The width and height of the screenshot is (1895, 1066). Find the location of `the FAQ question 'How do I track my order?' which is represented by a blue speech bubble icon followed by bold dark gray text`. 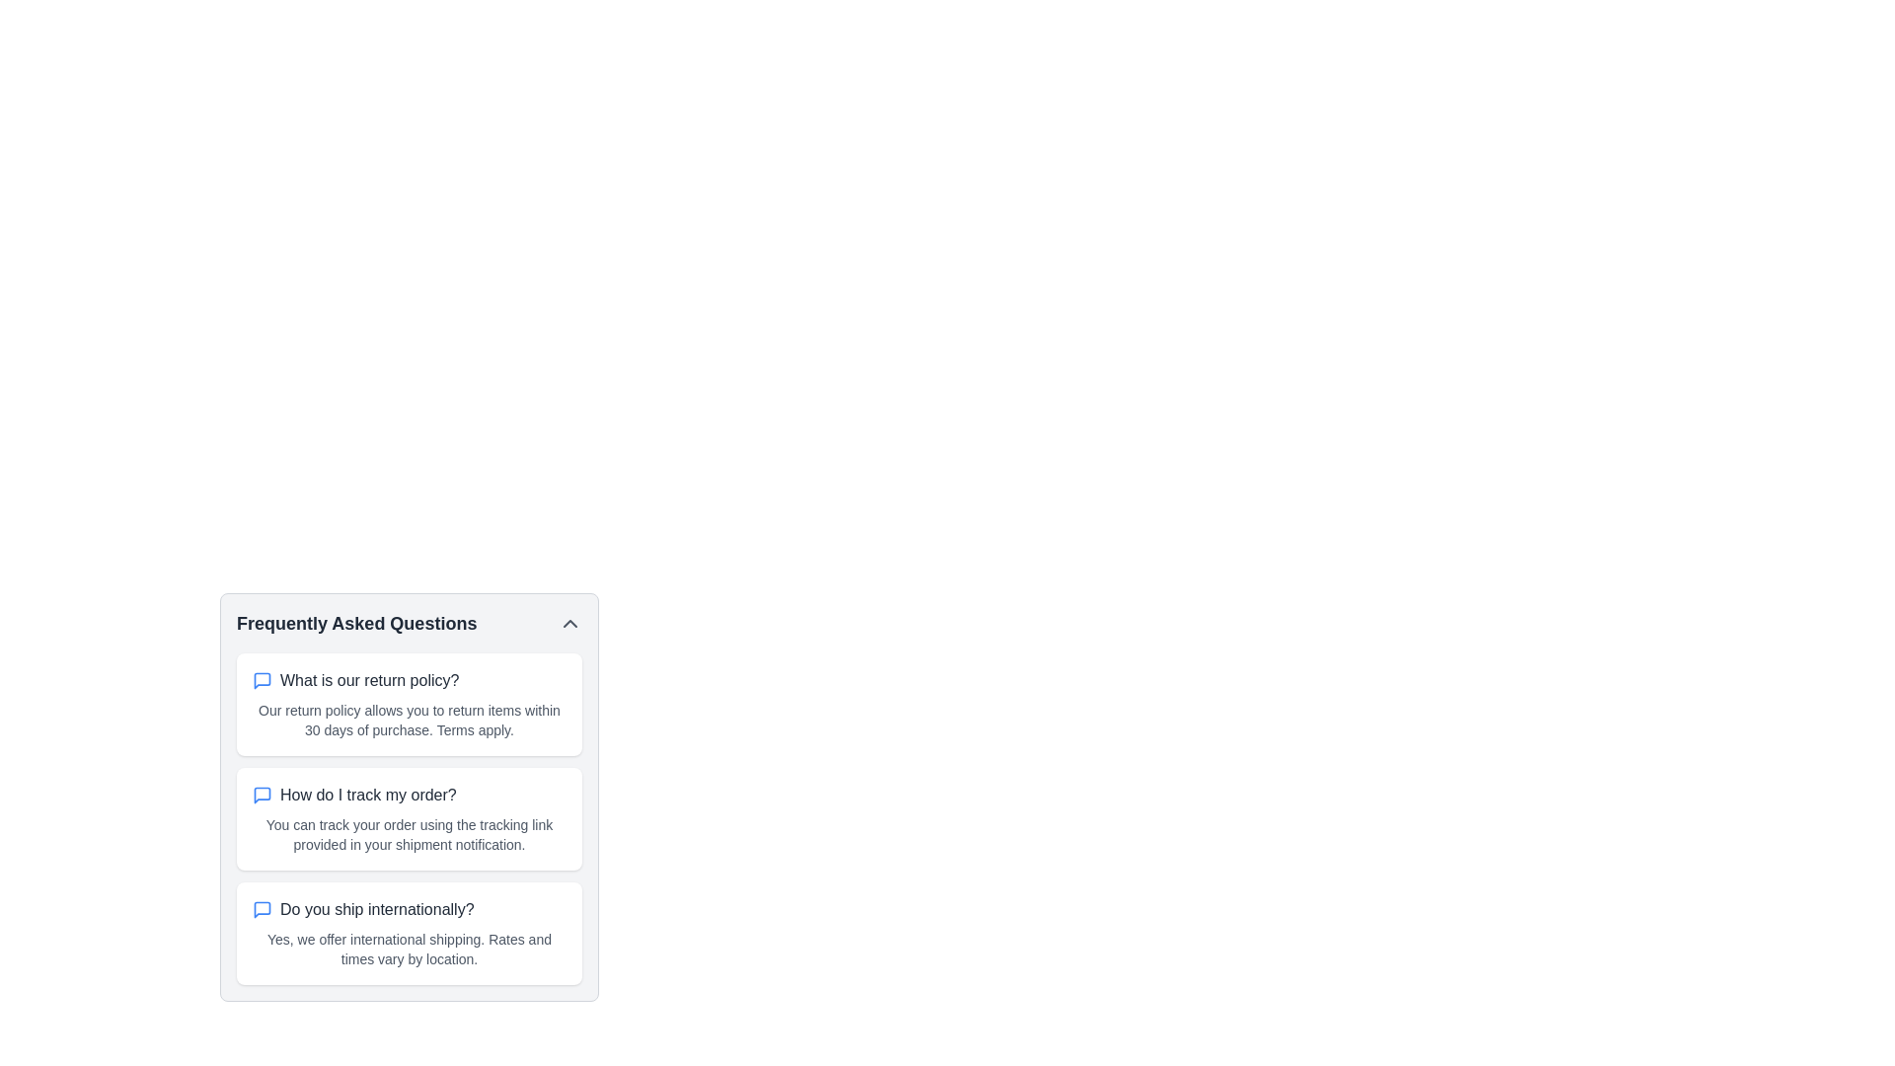

the FAQ question 'How do I track my order?' which is represented by a blue speech bubble icon followed by bold dark gray text is located at coordinates (408, 795).